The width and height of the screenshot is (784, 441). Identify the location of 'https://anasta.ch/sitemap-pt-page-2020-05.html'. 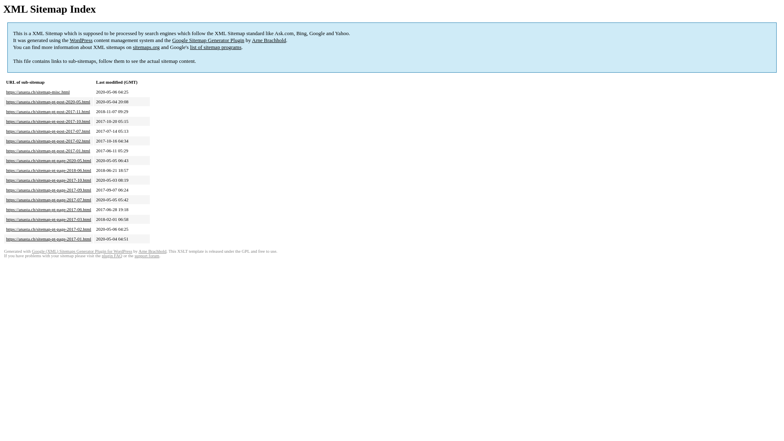
(6, 160).